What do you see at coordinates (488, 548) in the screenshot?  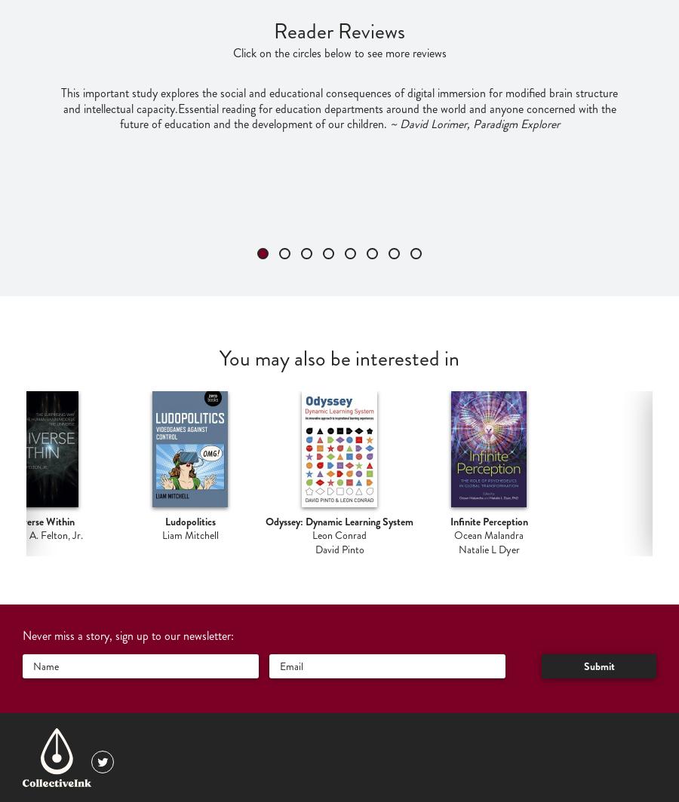 I see `'Natalie L Dyer'` at bounding box center [488, 548].